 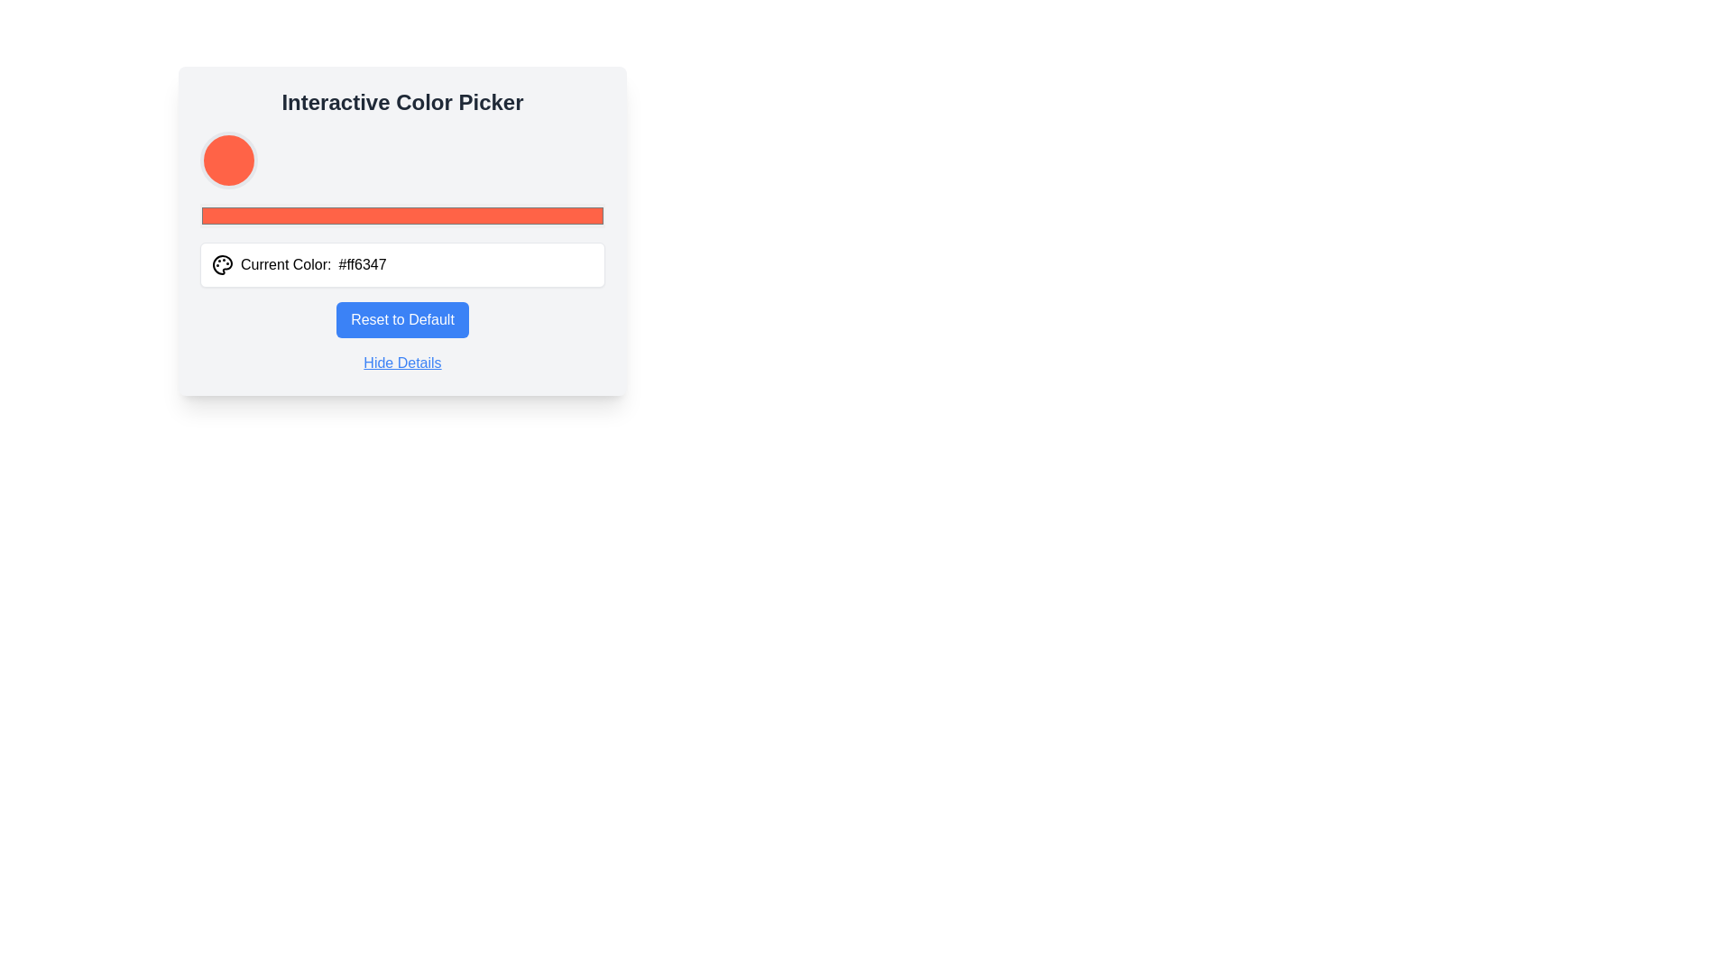 I want to click on the Color preview circle that indicates the currently selected color in the Interactive Color Picker interface, so click(x=228, y=159).